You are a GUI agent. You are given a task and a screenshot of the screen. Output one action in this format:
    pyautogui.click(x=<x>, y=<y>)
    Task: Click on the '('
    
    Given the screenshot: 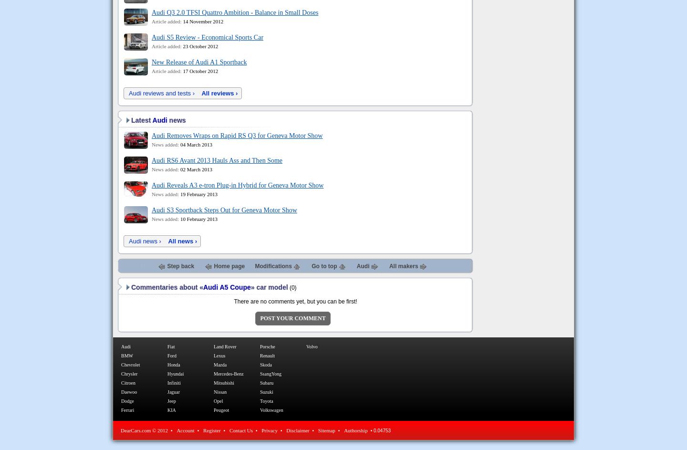 What is the action you would take?
    pyautogui.click(x=289, y=287)
    